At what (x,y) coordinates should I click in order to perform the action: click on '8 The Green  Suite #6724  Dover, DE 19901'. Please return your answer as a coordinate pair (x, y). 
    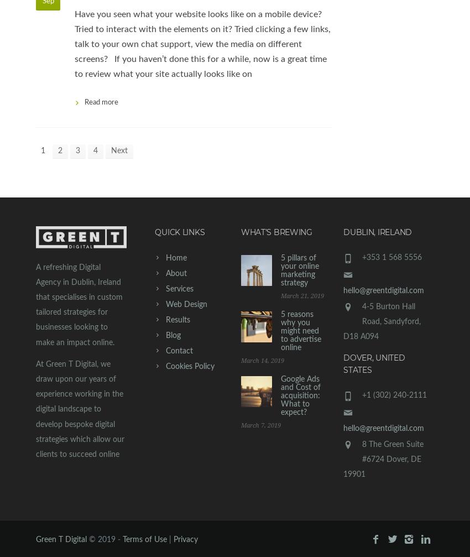
    Looking at the image, I should click on (343, 459).